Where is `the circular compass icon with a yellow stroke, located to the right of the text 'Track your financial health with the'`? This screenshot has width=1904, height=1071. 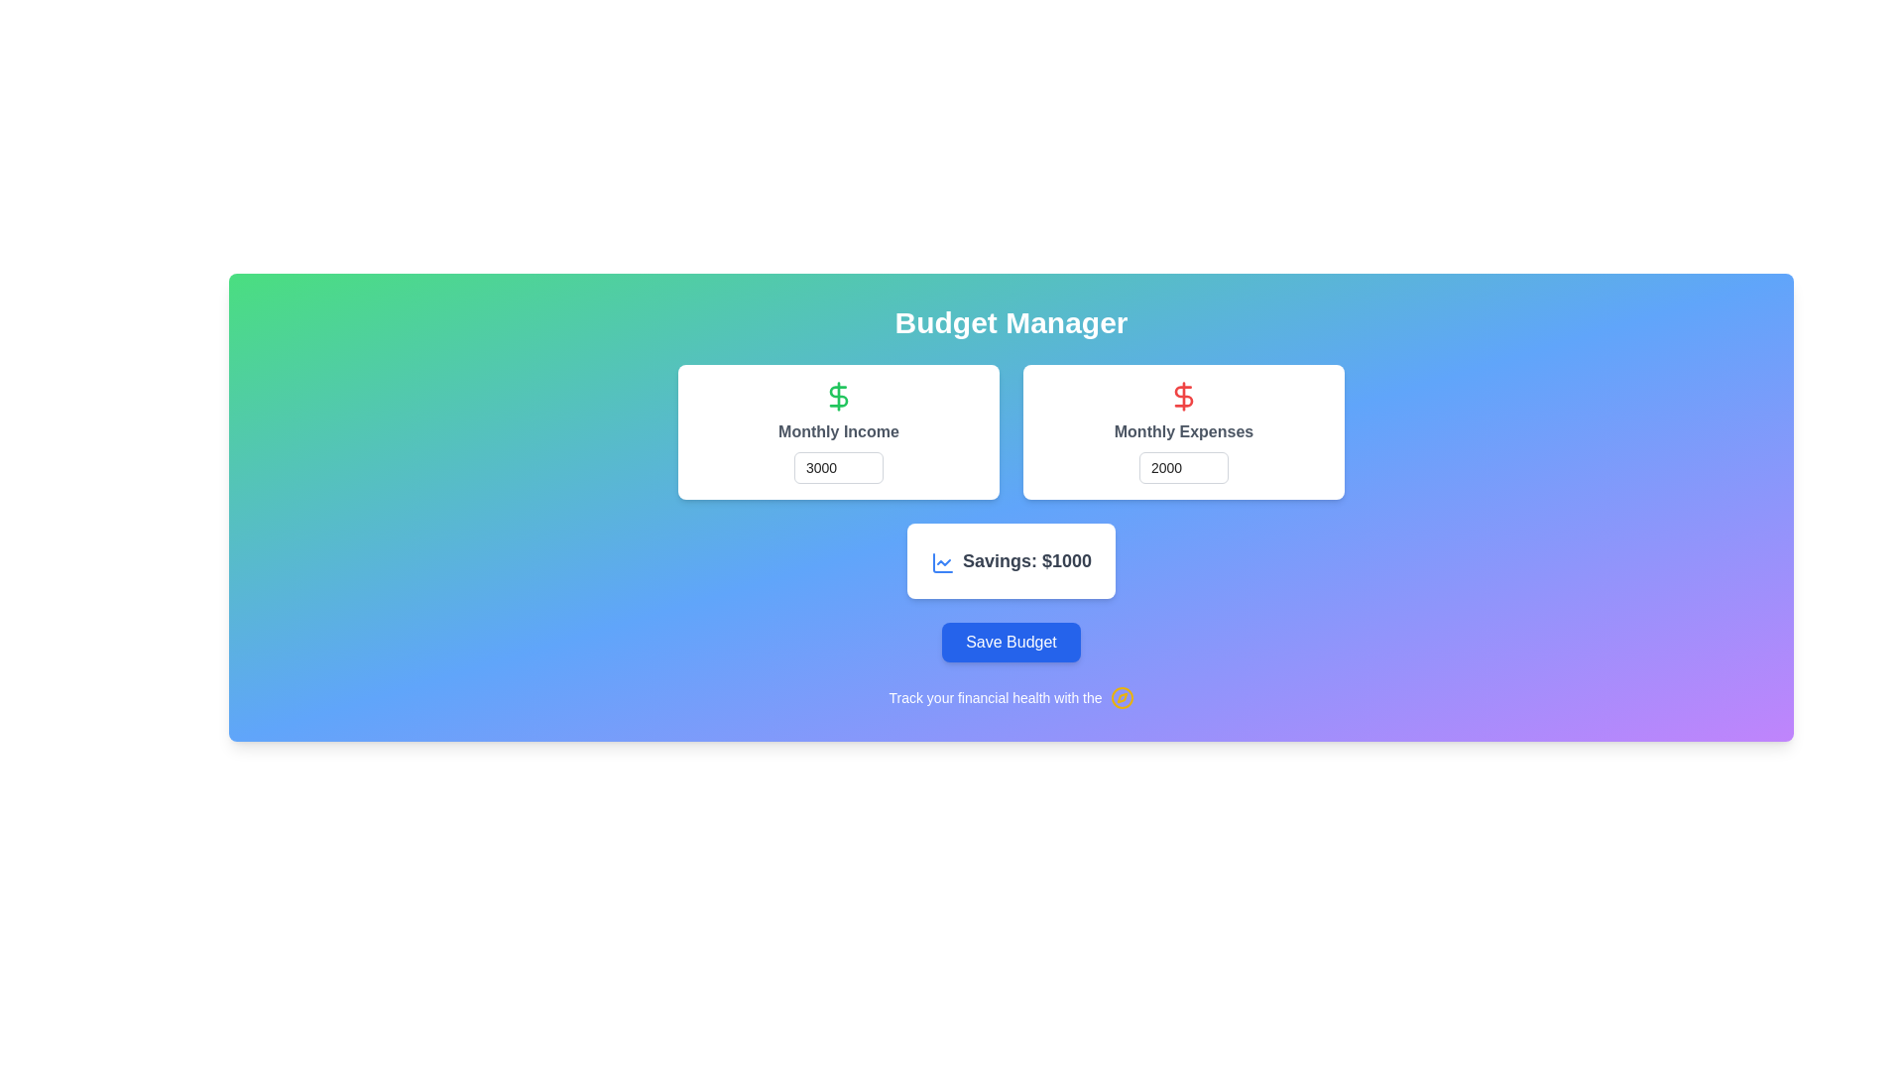
the circular compass icon with a yellow stroke, located to the right of the text 'Track your financial health with the' is located at coordinates (1122, 697).